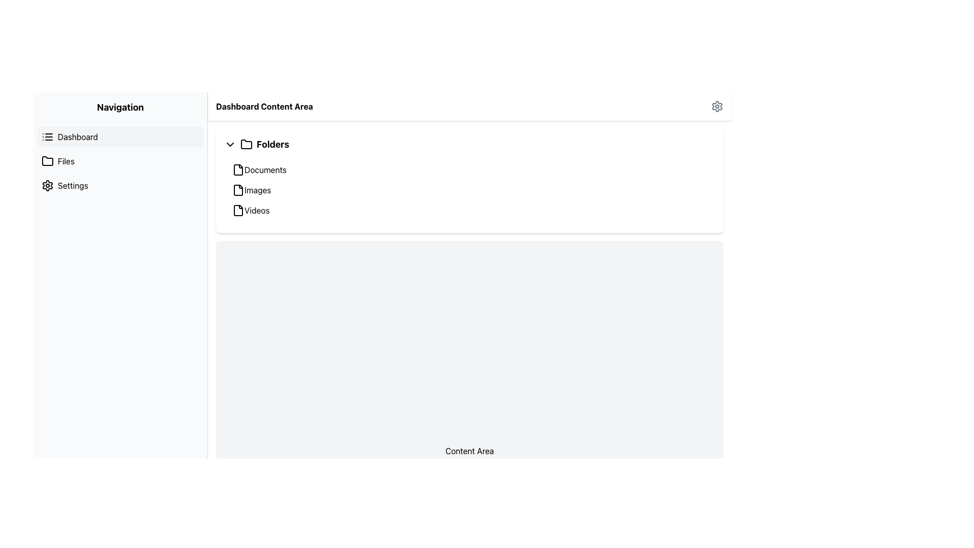 The width and height of the screenshot is (974, 548). What do you see at coordinates (265, 169) in the screenshot?
I see `the 'Documents' text label located` at bounding box center [265, 169].